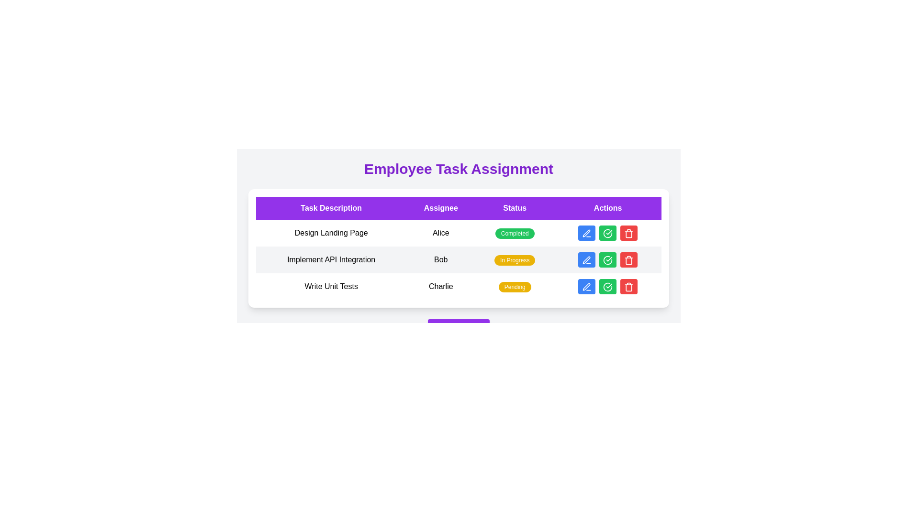  What do you see at coordinates (514, 259) in the screenshot?
I see `text displayed on the 'Status' badge indicating the current status of the 'Implement API Integration' task in the second row of the table` at bounding box center [514, 259].